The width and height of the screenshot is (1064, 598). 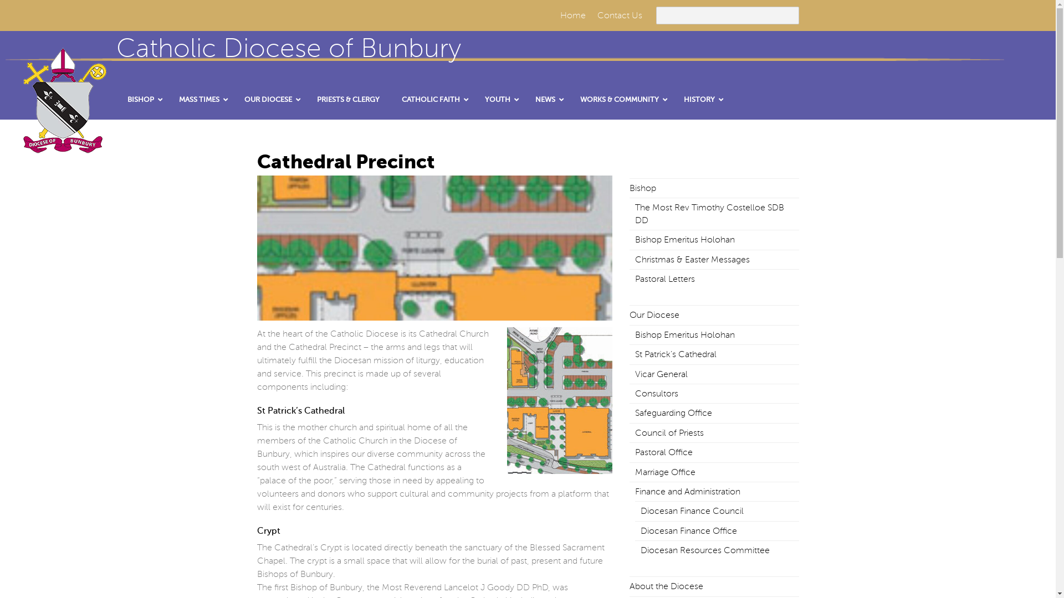 What do you see at coordinates (691, 511) in the screenshot?
I see `'Diocesan Finance Council'` at bounding box center [691, 511].